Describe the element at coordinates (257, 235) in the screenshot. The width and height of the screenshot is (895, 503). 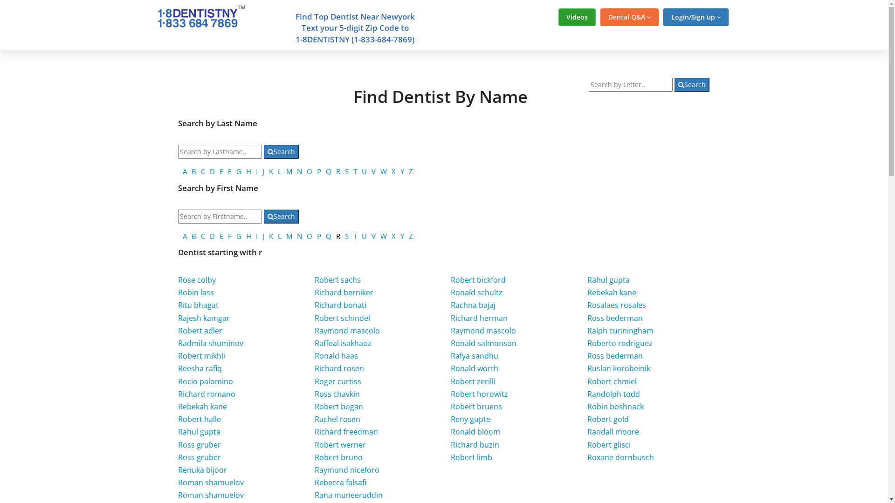
I see `'I'` at that location.